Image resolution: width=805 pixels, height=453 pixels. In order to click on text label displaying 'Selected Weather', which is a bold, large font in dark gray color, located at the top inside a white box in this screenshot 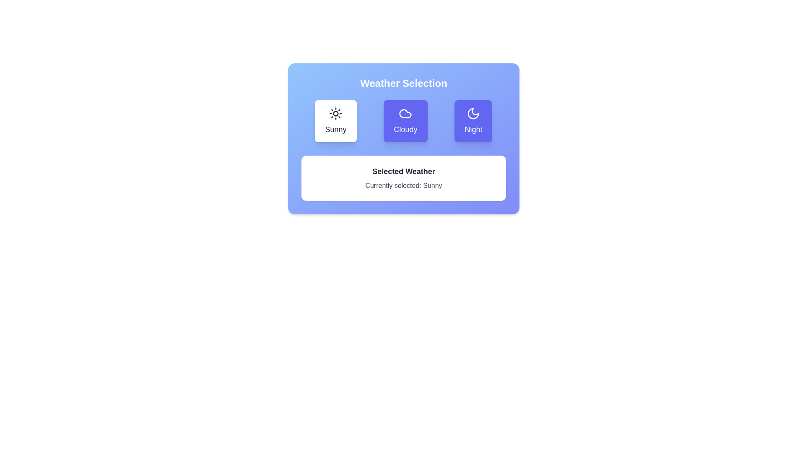, I will do `click(404, 171)`.